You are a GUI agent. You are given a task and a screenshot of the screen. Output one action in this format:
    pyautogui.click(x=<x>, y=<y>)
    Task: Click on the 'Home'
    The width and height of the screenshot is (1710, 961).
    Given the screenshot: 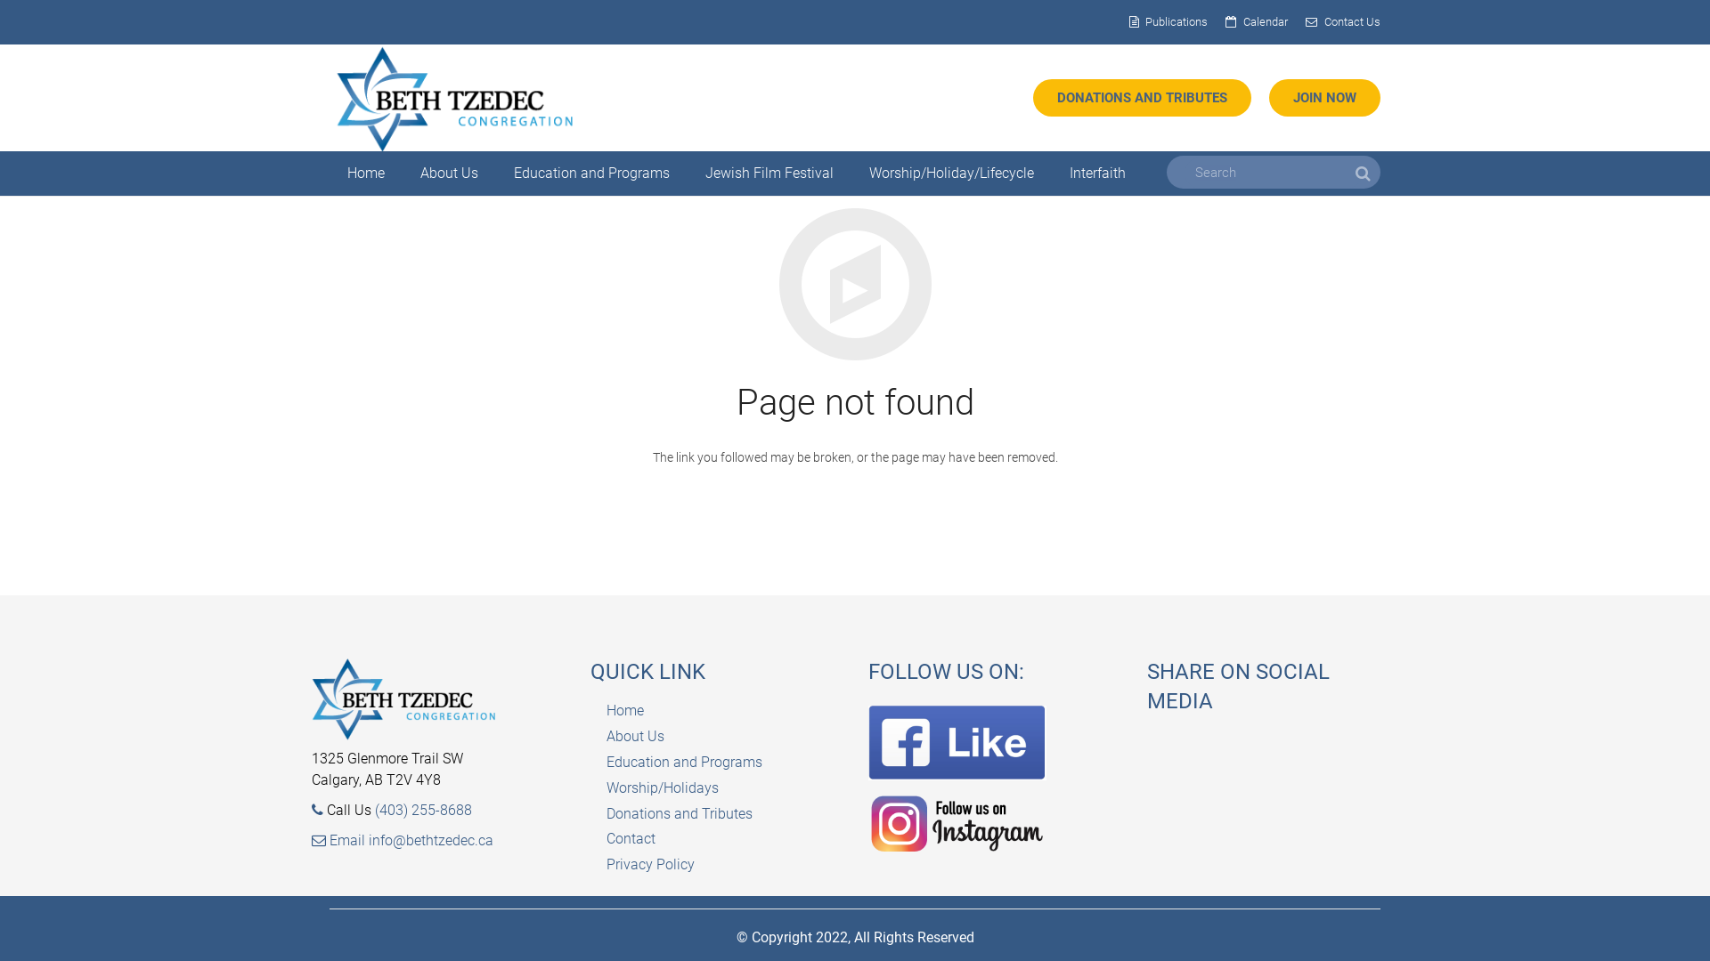 What is the action you would take?
    pyautogui.click(x=623, y=709)
    